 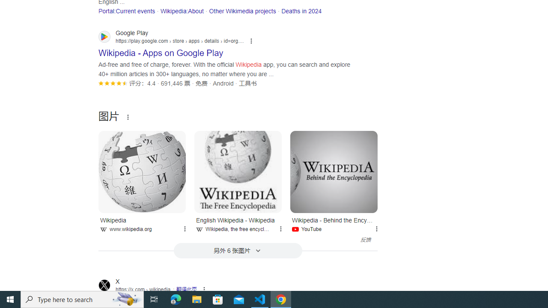 What do you see at coordinates (242, 11) in the screenshot?
I see `'Other Wikimedia projects'` at bounding box center [242, 11].